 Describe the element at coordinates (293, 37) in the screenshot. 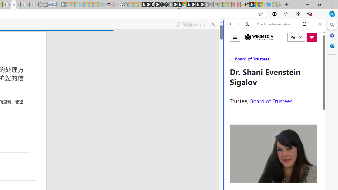

I see `'Class: i icon icon-translate language-switcher__icon'` at that location.